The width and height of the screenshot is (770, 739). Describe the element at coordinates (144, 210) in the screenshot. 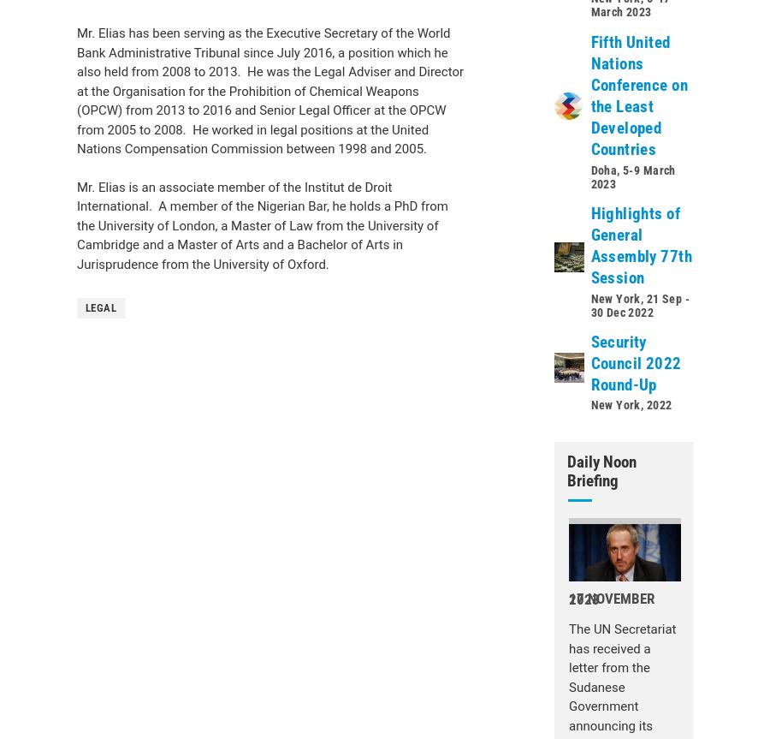

I see `'General Assembly'` at that location.